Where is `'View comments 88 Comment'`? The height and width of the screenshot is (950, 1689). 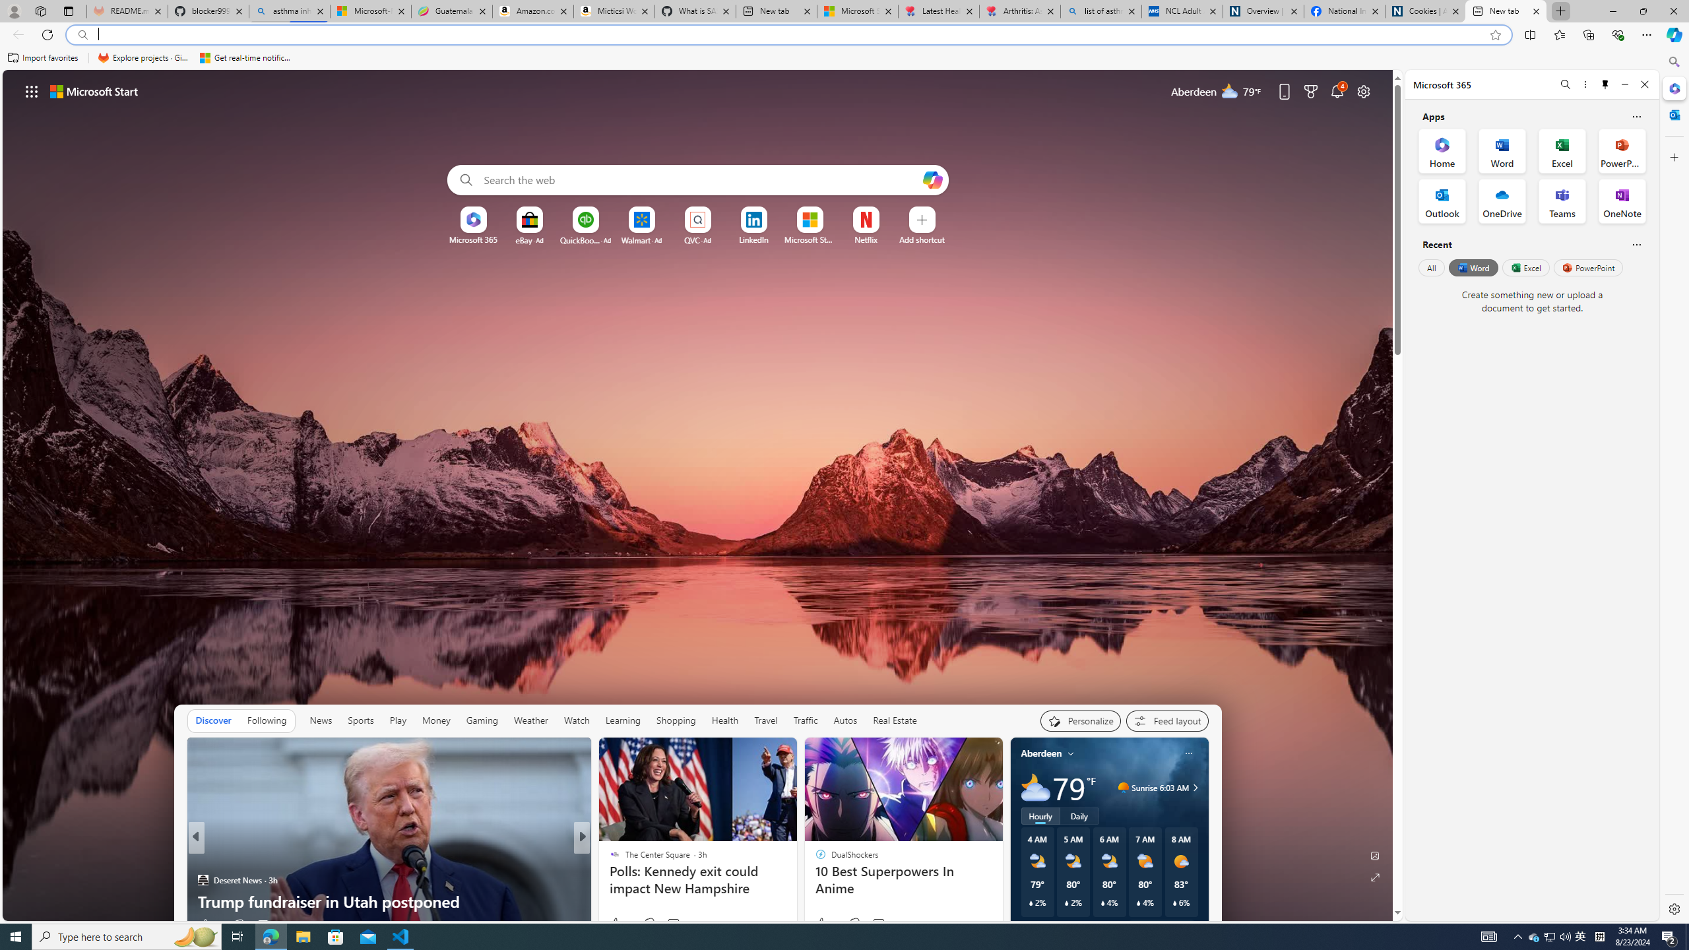 'View comments 88 Comment' is located at coordinates (673, 924).